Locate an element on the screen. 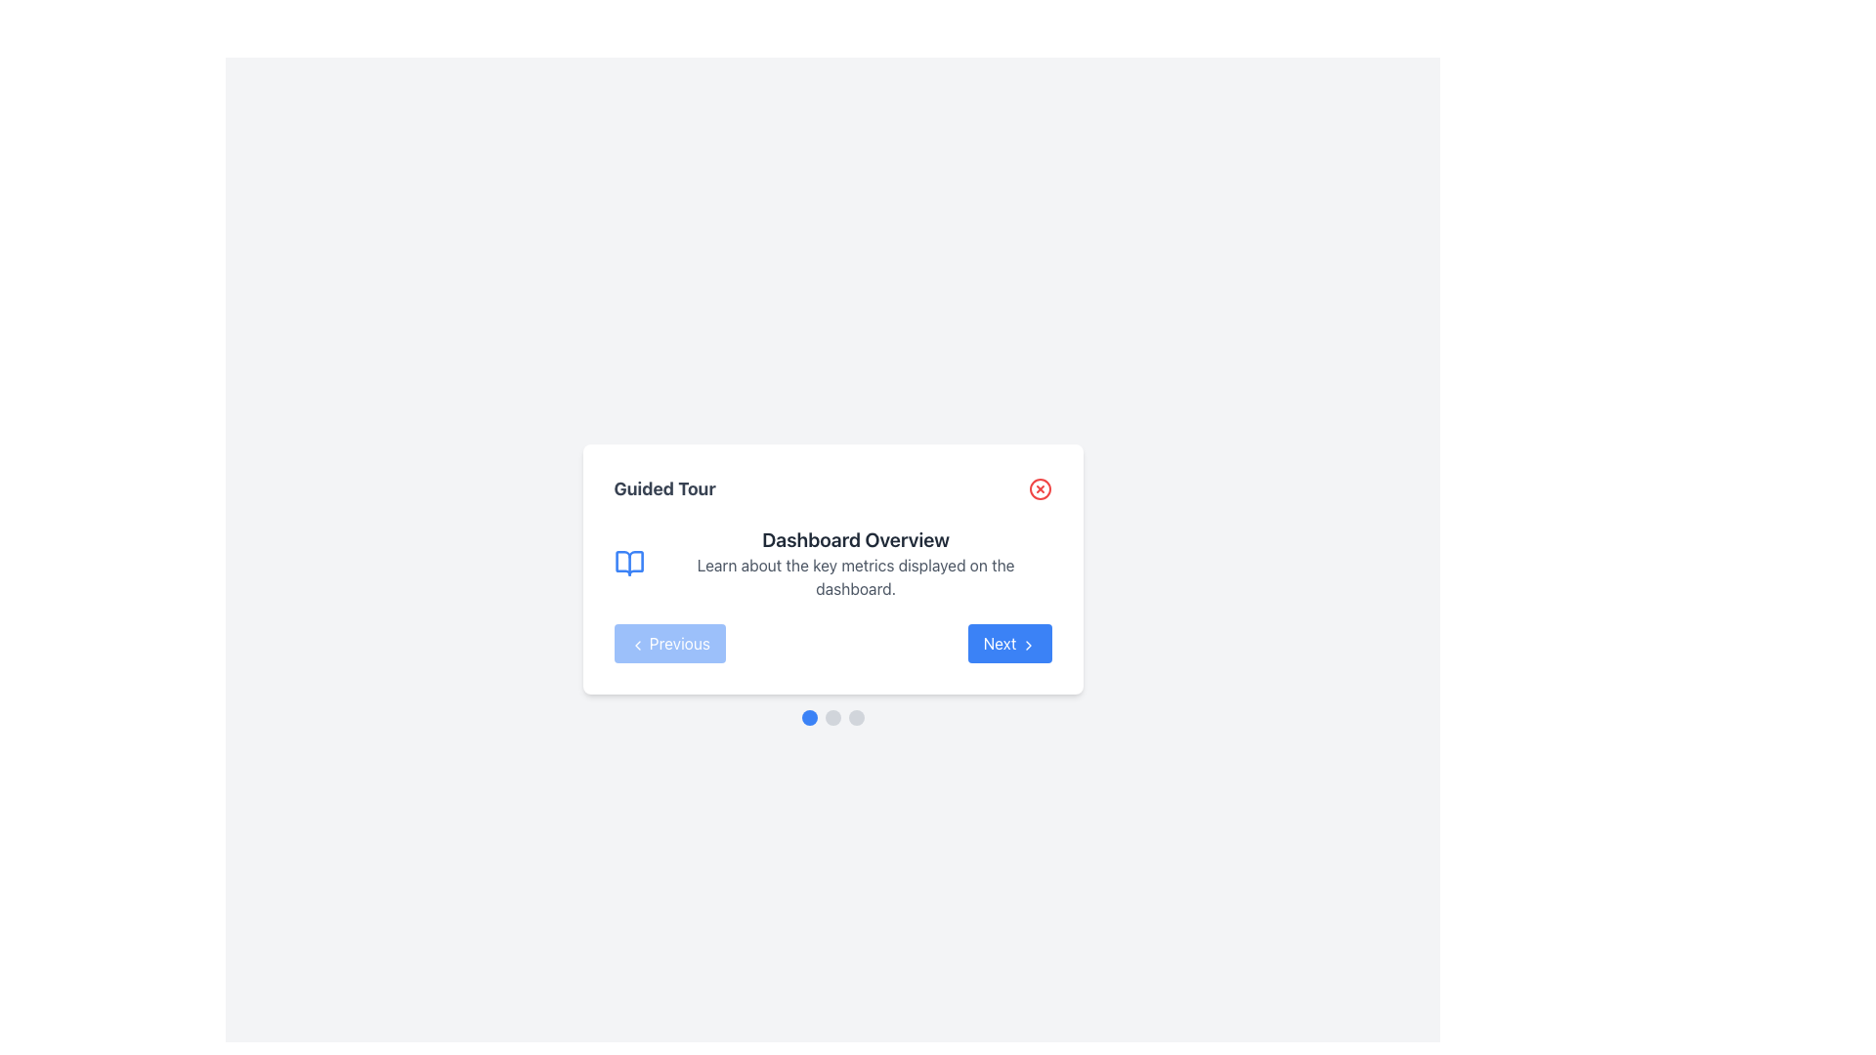 This screenshot has width=1876, height=1055. the right-facing chevron icon embedded within the blue 'Next' button at the bottom-right of the guided tour dialog box is located at coordinates (1027, 645).